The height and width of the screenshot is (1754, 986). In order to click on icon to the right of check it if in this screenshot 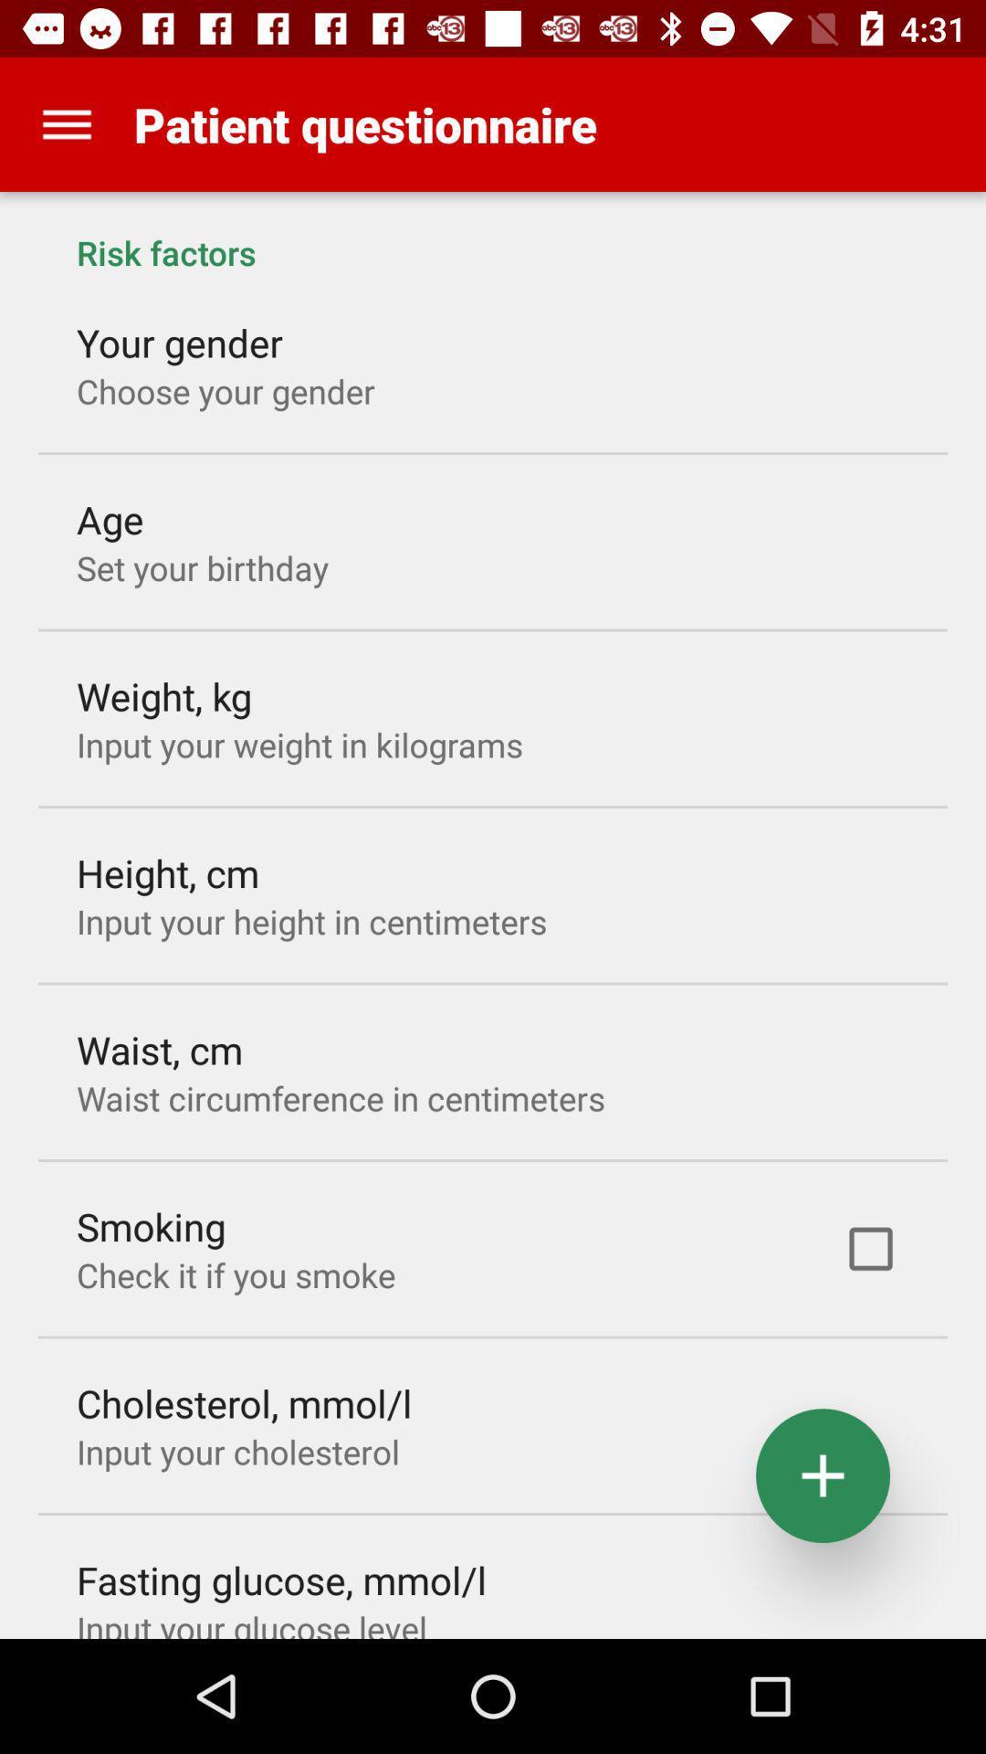, I will do `click(869, 1248)`.